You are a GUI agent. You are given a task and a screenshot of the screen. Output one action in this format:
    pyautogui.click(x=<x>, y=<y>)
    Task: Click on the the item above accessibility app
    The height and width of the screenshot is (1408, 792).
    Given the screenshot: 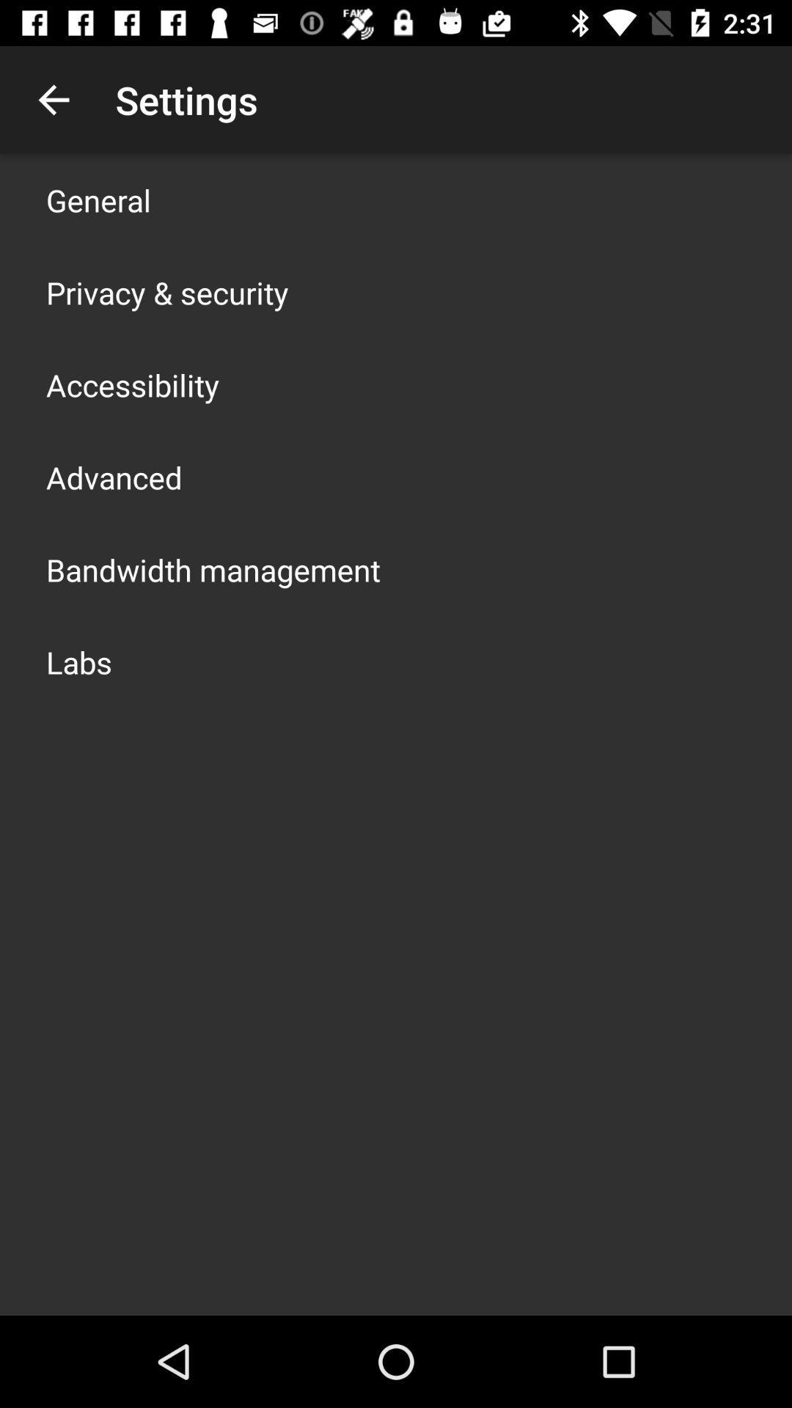 What is the action you would take?
    pyautogui.click(x=166, y=292)
    